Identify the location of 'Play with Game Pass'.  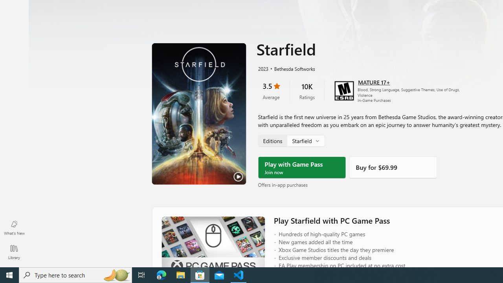
(301, 167).